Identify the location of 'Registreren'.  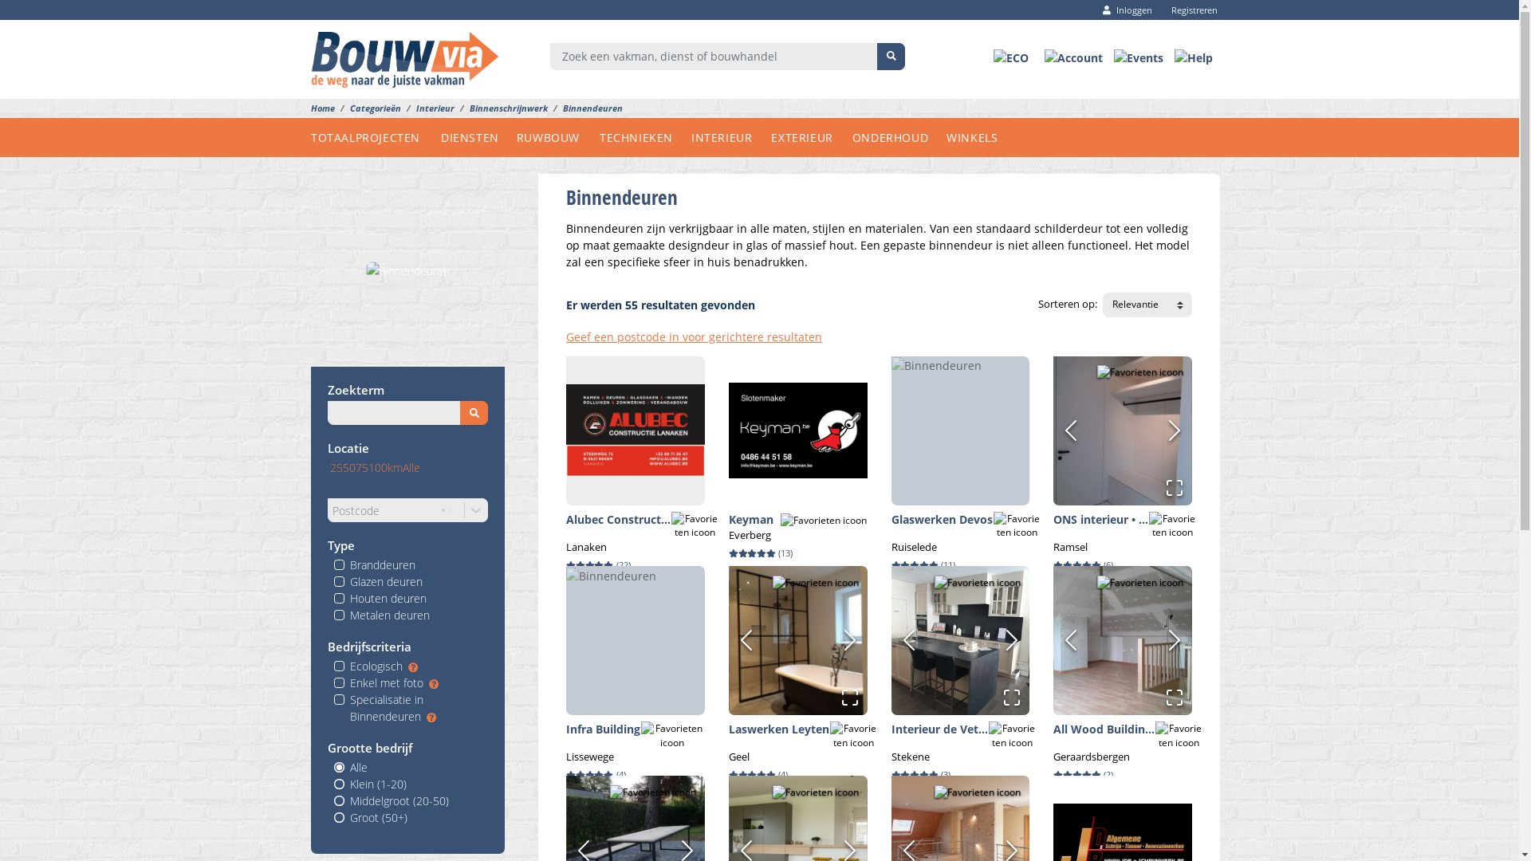
(1189, 10).